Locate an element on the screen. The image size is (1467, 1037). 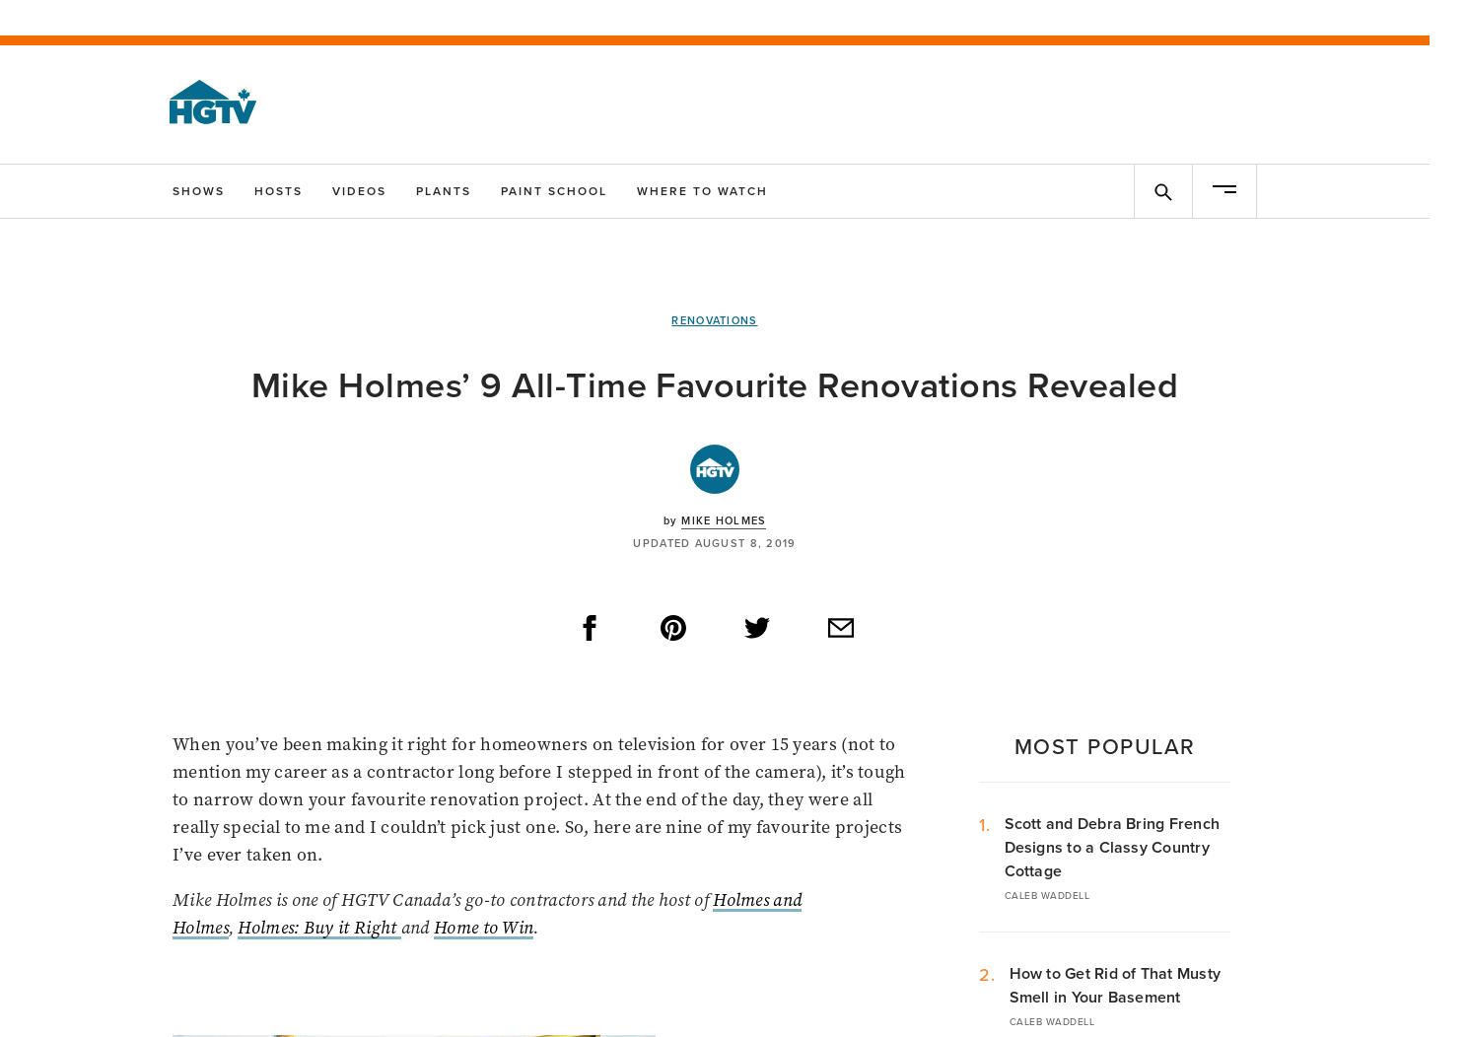
'What $2,500 in Rent Will Get You in Toronto Right Now' is located at coordinates (710, 685).